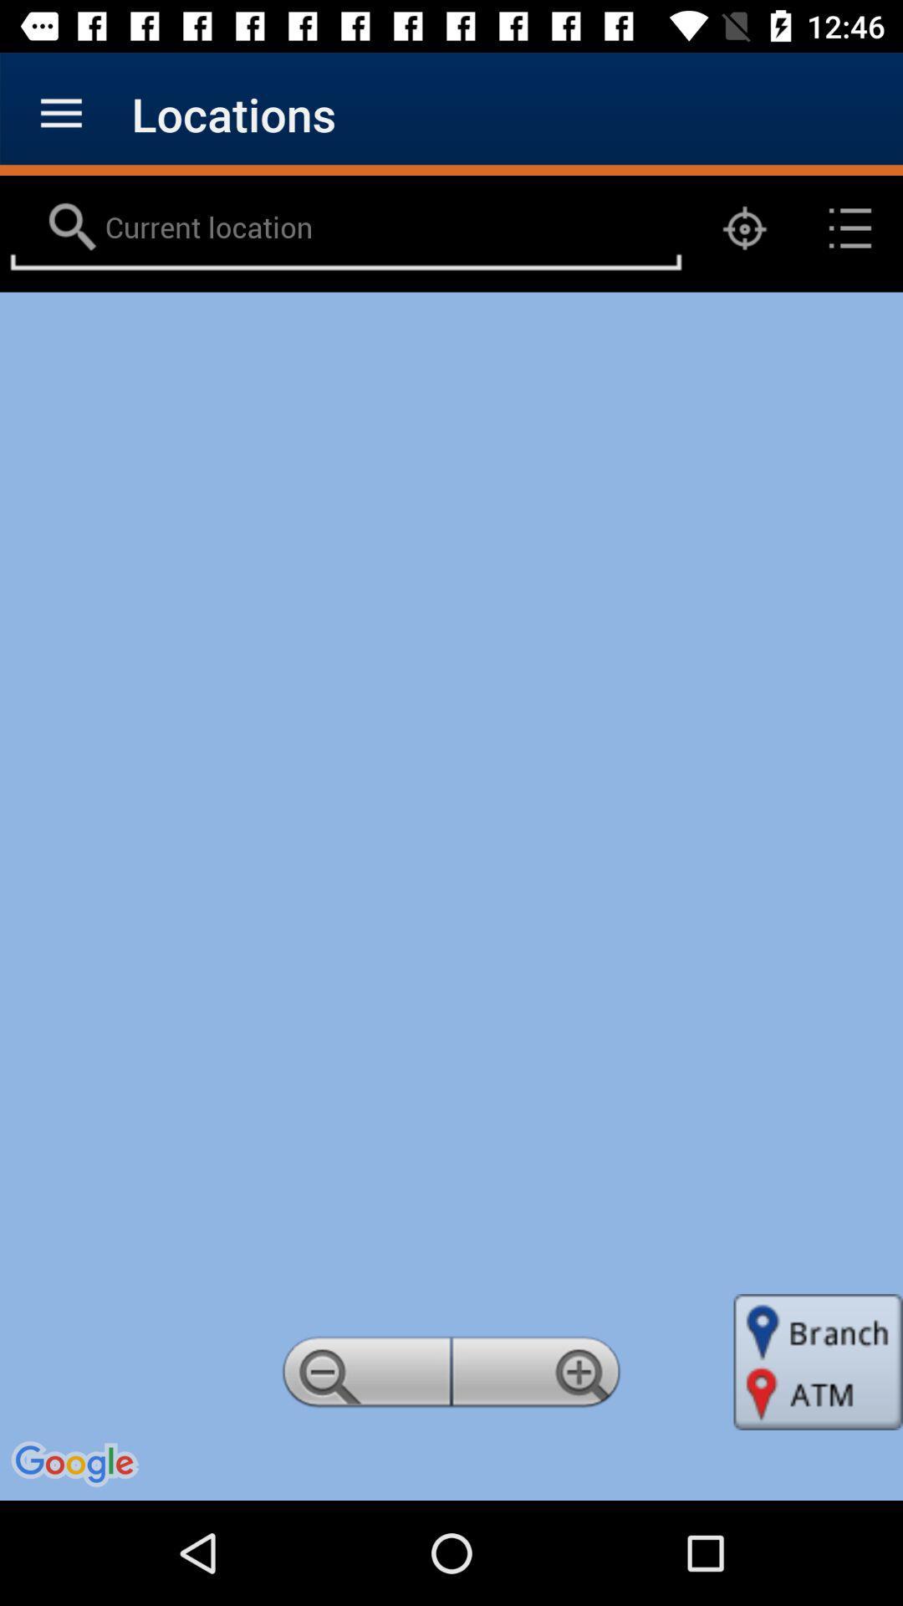 This screenshot has width=903, height=1606. What do you see at coordinates (744, 228) in the screenshot?
I see `the location_crosshair icon` at bounding box center [744, 228].